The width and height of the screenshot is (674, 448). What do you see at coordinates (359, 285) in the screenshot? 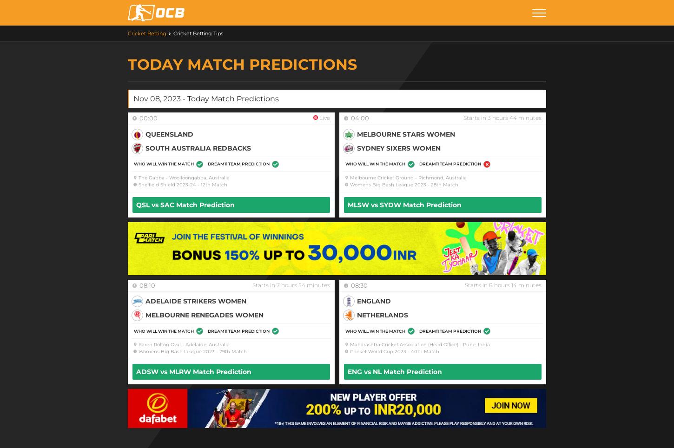
I see `'08:30'` at bounding box center [359, 285].